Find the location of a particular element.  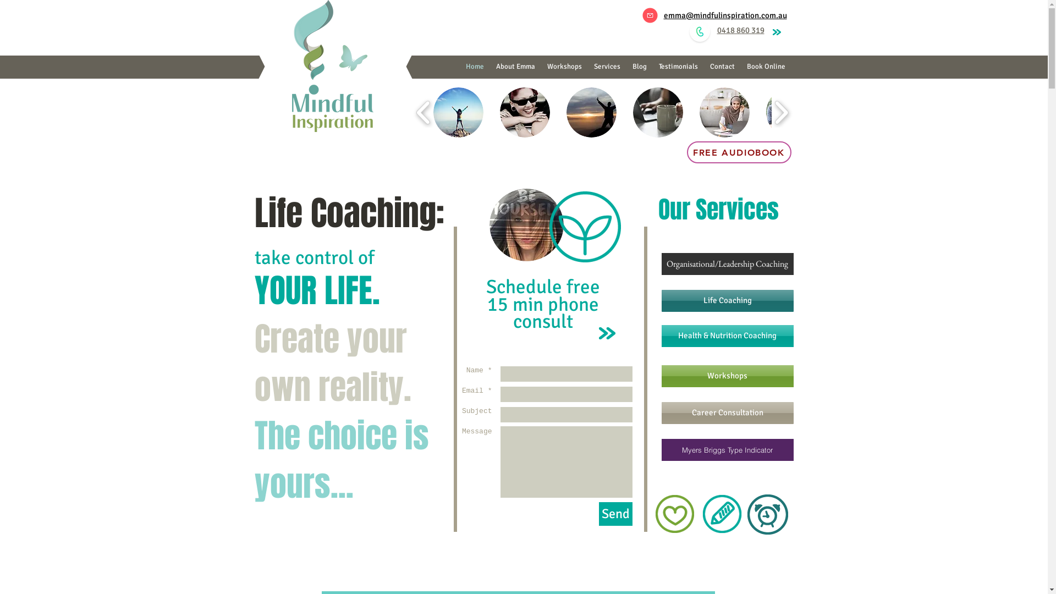

'Book Online' is located at coordinates (765, 67).